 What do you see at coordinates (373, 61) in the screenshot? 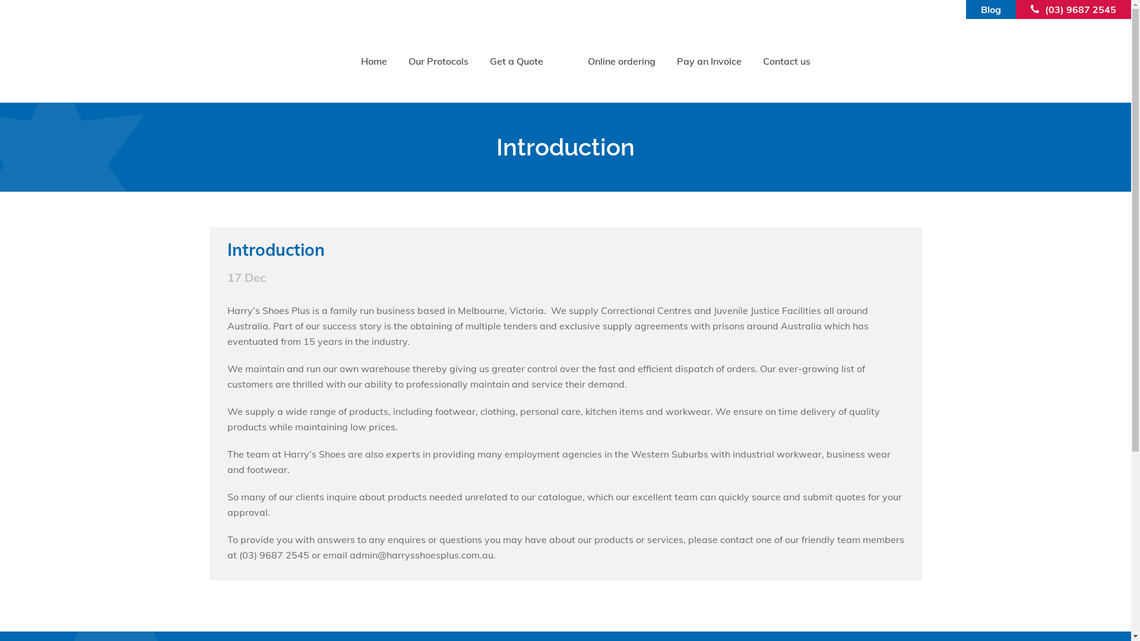
I see `'Home'` at bounding box center [373, 61].